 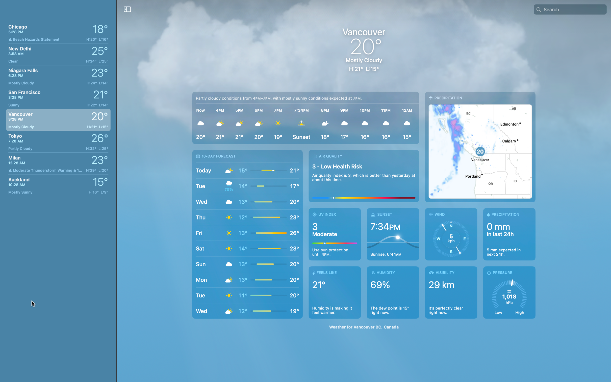 What do you see at coordinates (451, 234) in the screenshot?
I see `Obtain the wind metrics in Vancouver` at bounding box center [451, 234].